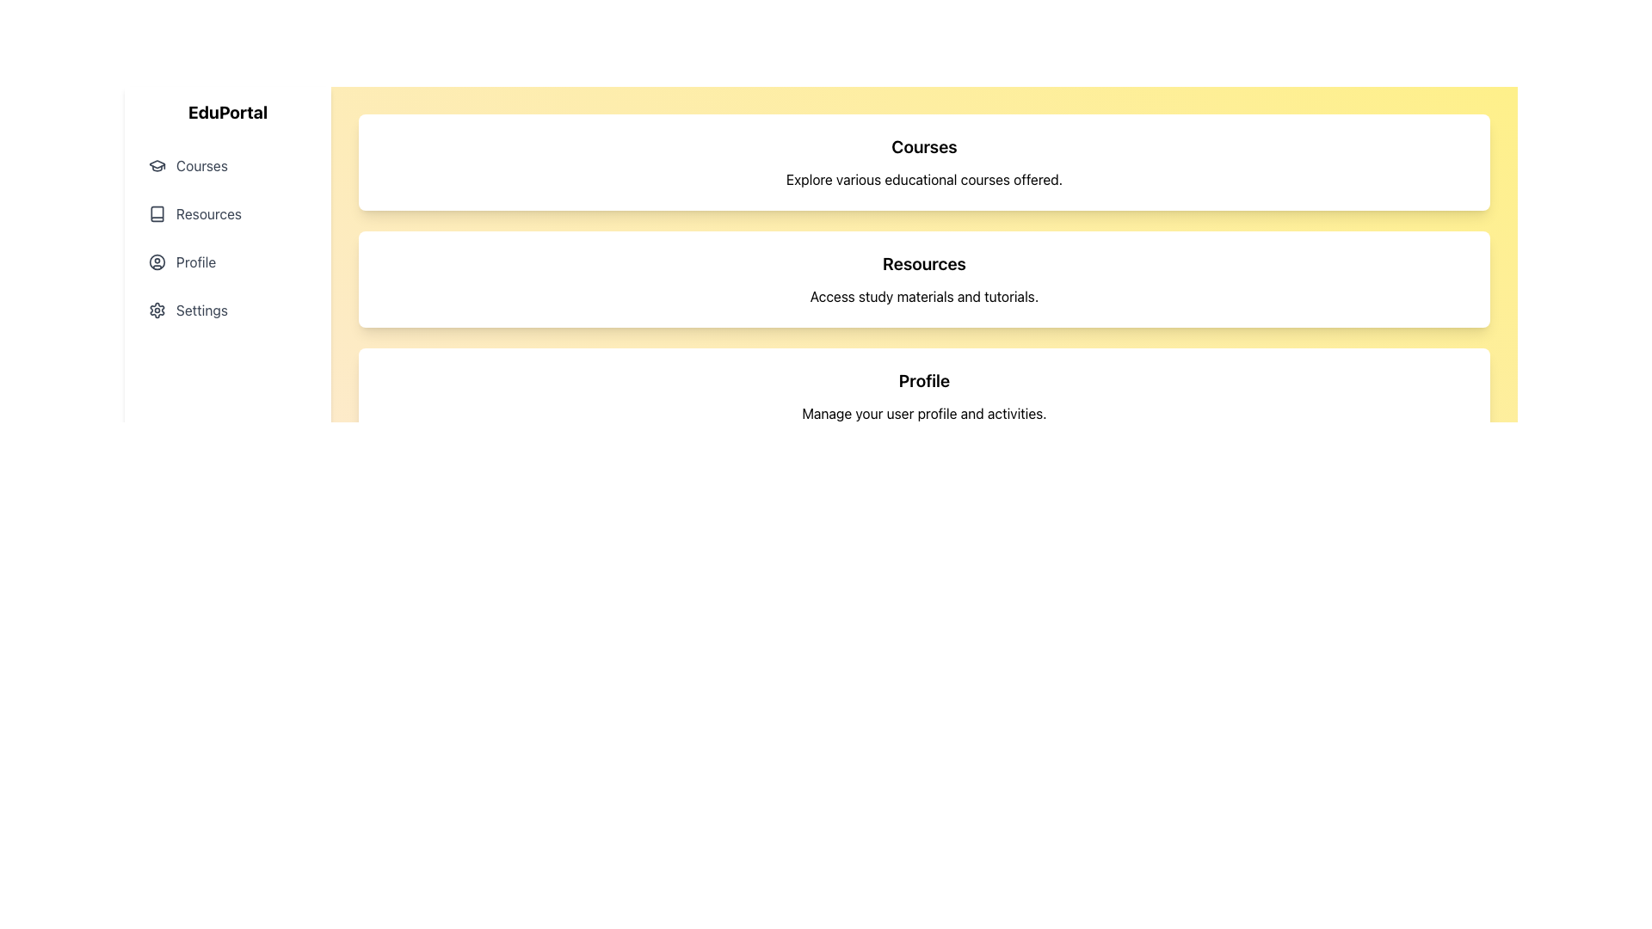 The height and width of the screenshot is (929, 1652). I want to click on the compact, rectangular SVG icon associated with the label 'Resources' in the left-side vertical navigation menu, so click(157, 213).